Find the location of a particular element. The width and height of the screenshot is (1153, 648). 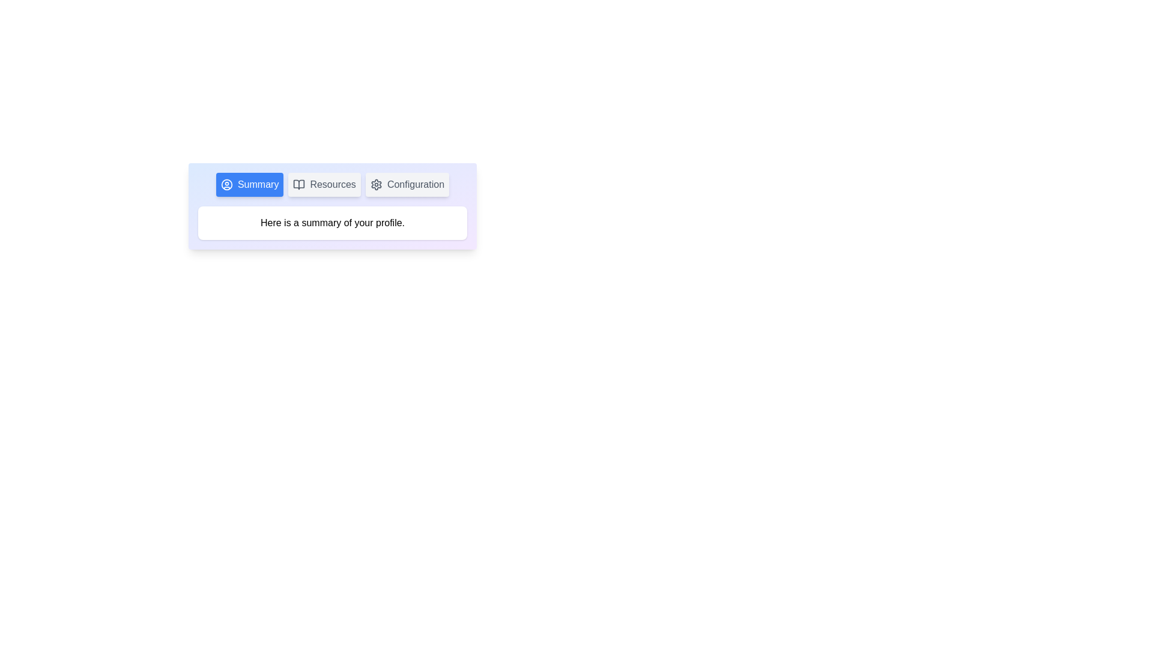

the icon of the Resources tab is located at coordinates (299, 185).